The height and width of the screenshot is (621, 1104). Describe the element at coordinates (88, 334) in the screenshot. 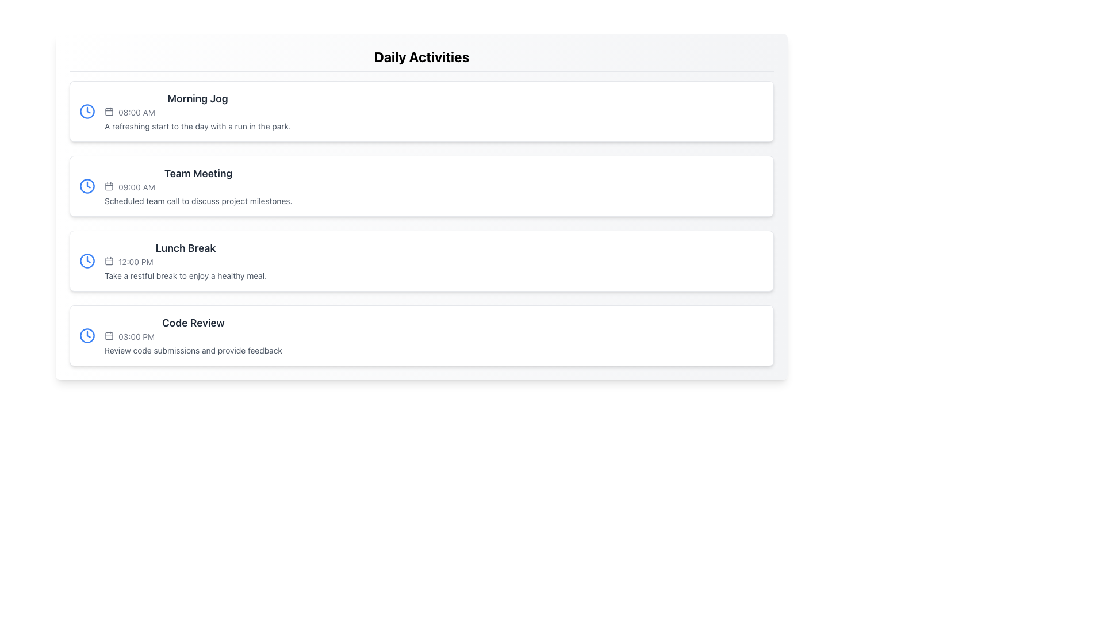

I see `the clock hand icon that indicates time, located next to the '08:00 AM' schedule entry` at that location.